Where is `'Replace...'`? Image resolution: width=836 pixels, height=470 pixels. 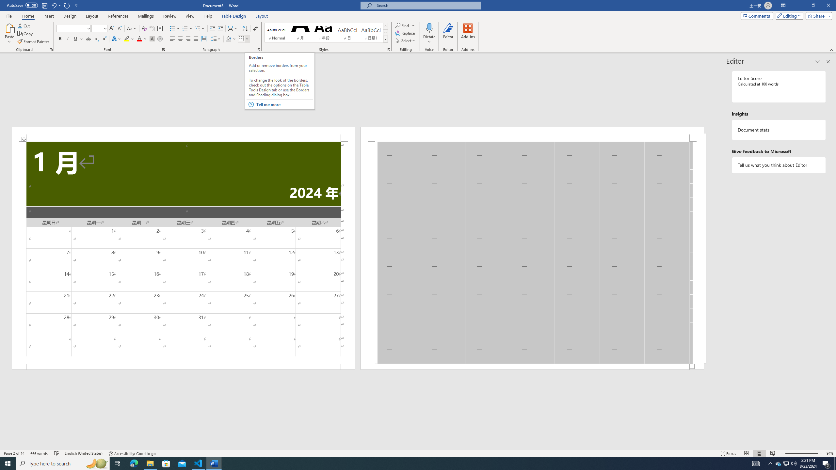
'Replace...' is located at coordinates (405, 32).